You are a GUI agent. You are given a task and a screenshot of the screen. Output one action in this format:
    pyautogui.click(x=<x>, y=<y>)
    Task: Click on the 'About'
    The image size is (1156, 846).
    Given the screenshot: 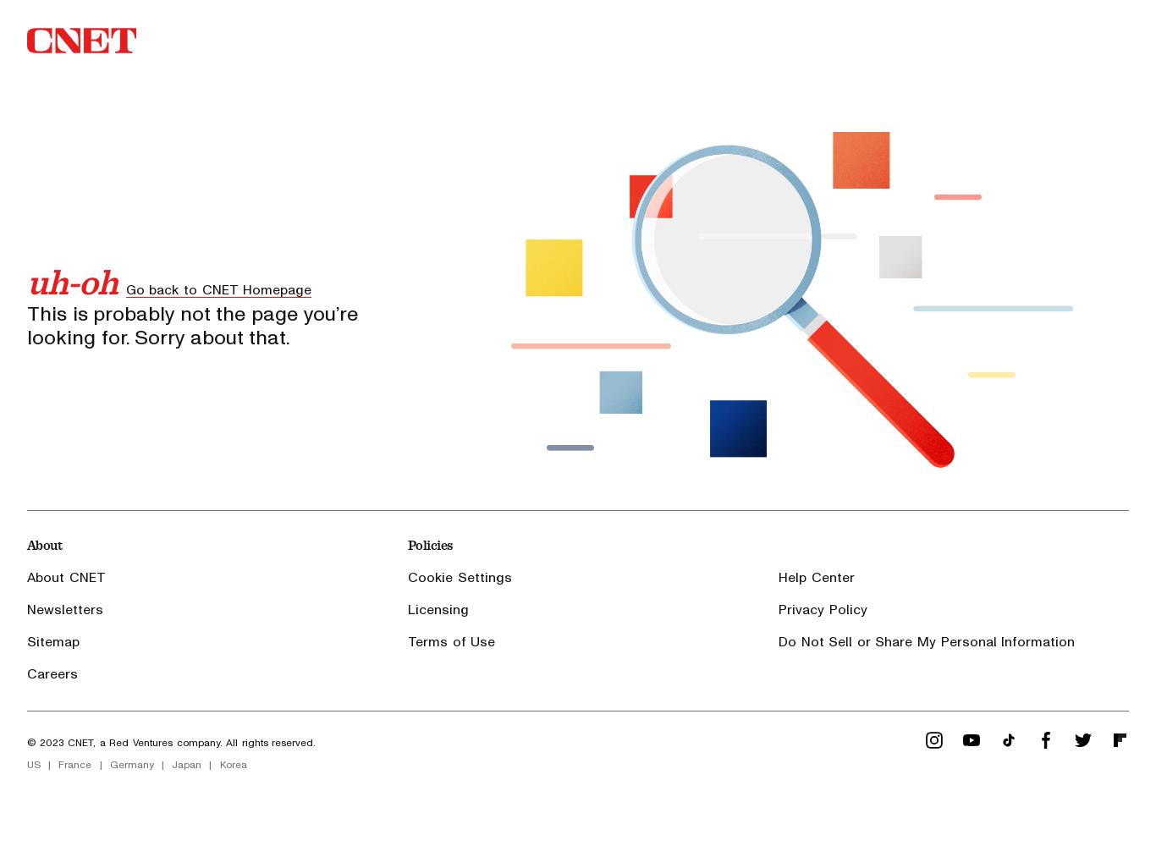 What is the action you would take?
    pyautogui.click(x=26, y=544)
    